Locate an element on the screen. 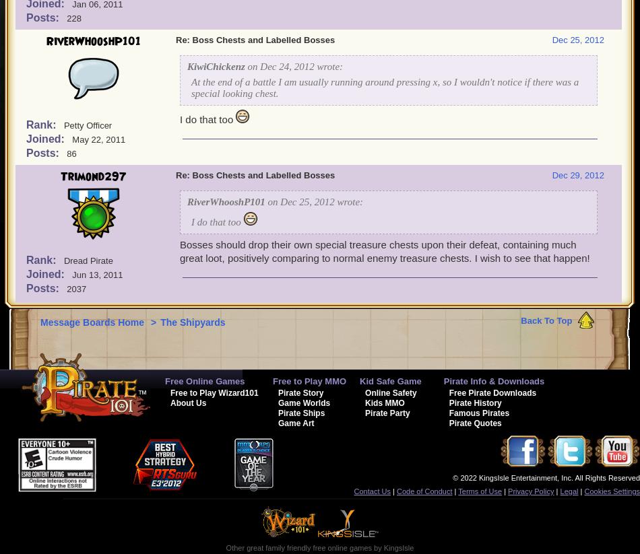 Image resolution: width=640 pixels, height=554 pixels. 'Legal' is located at coordinates (558, 491).